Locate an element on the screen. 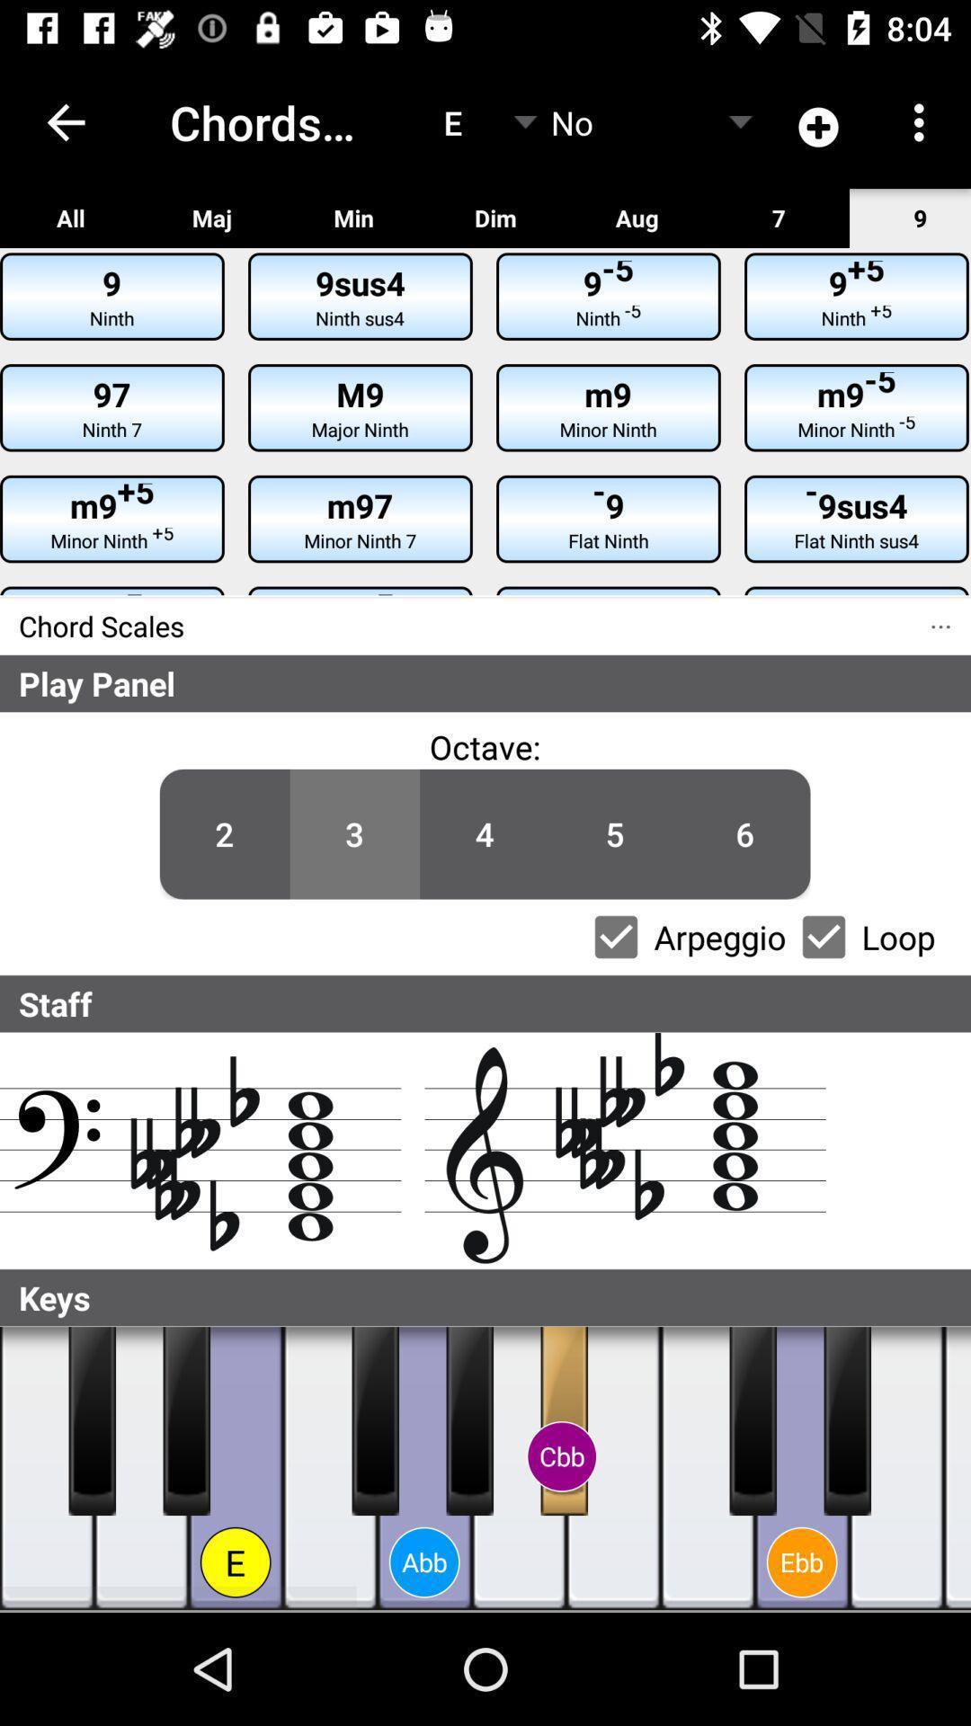  press piano key is located at coordinates (46, 1468).